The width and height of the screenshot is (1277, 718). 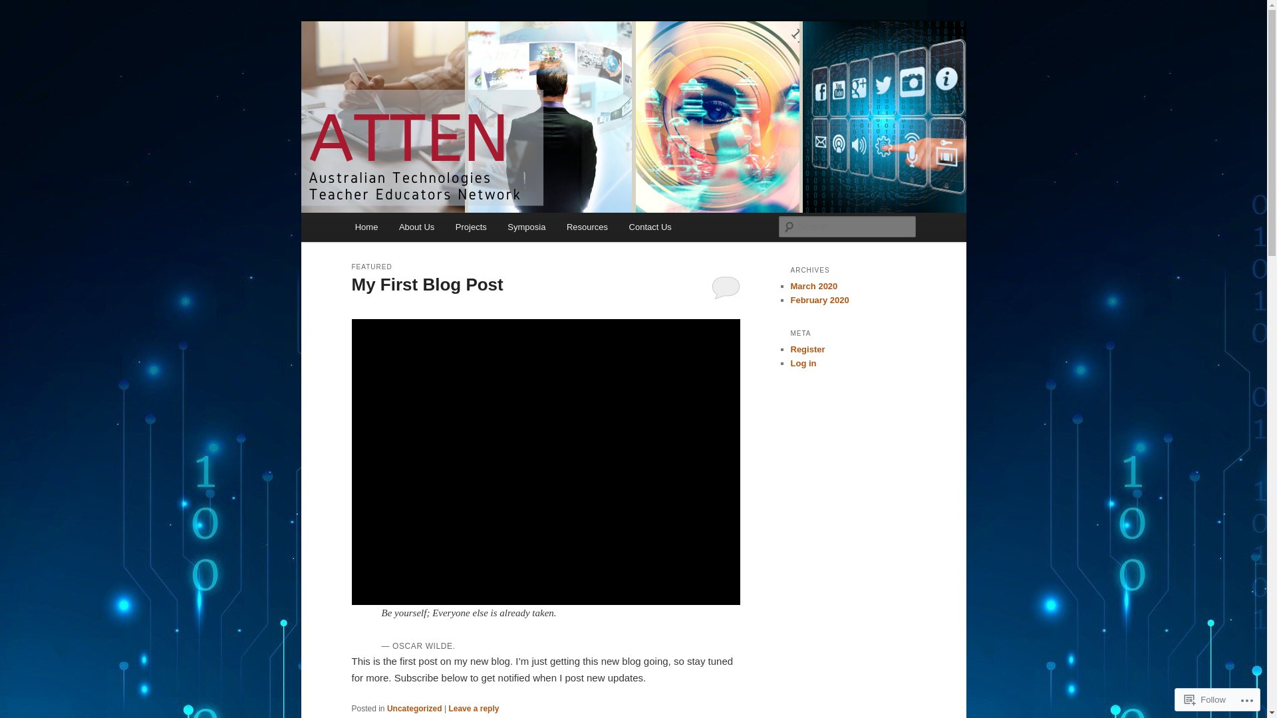 What do you see at coordinates (473, 707) in the screenshot?
I see `'Leave a reply'` at bounding box center [473, 707].